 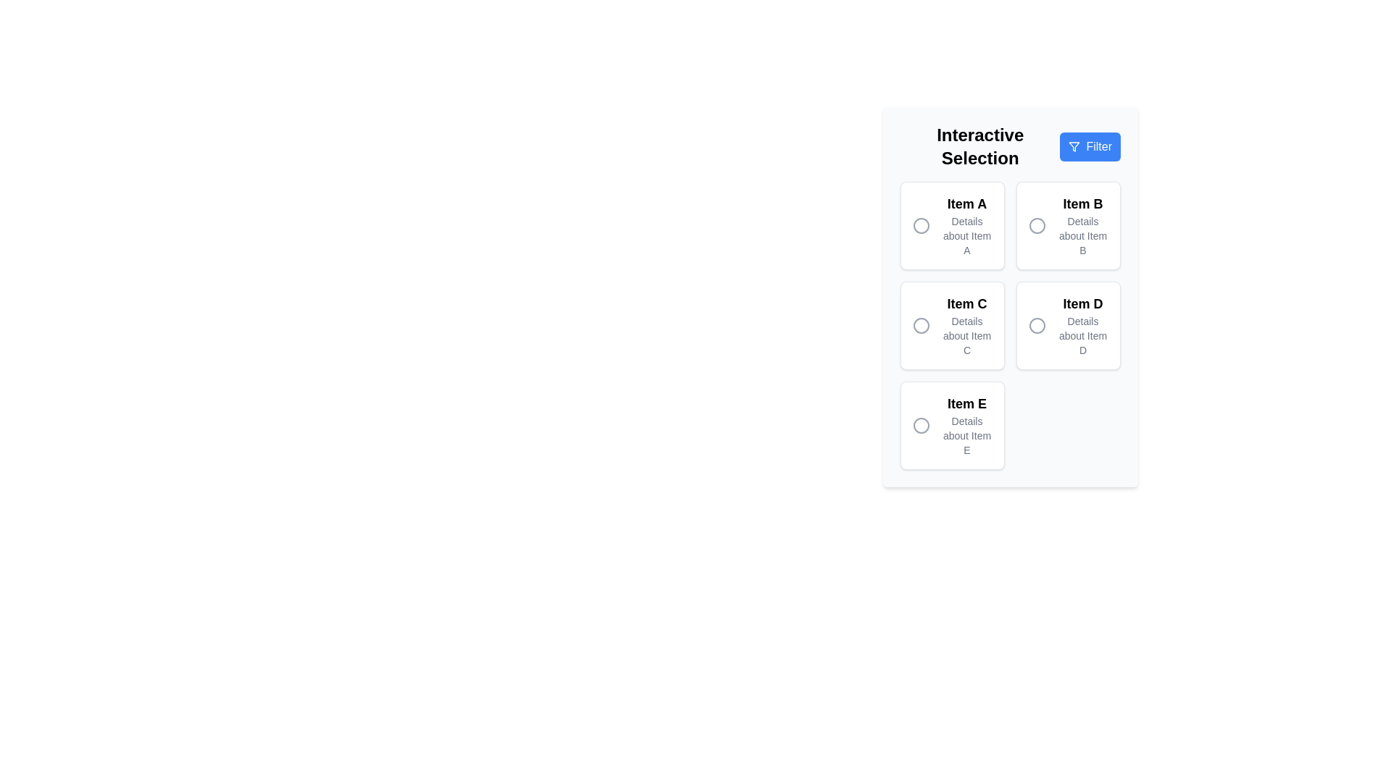 I want to click on the SVG filter icon located in the top-right corner of the 'Interactive Selection' panel, which is used to refine or narrow down displayed options, so click(x=1074, y=147).